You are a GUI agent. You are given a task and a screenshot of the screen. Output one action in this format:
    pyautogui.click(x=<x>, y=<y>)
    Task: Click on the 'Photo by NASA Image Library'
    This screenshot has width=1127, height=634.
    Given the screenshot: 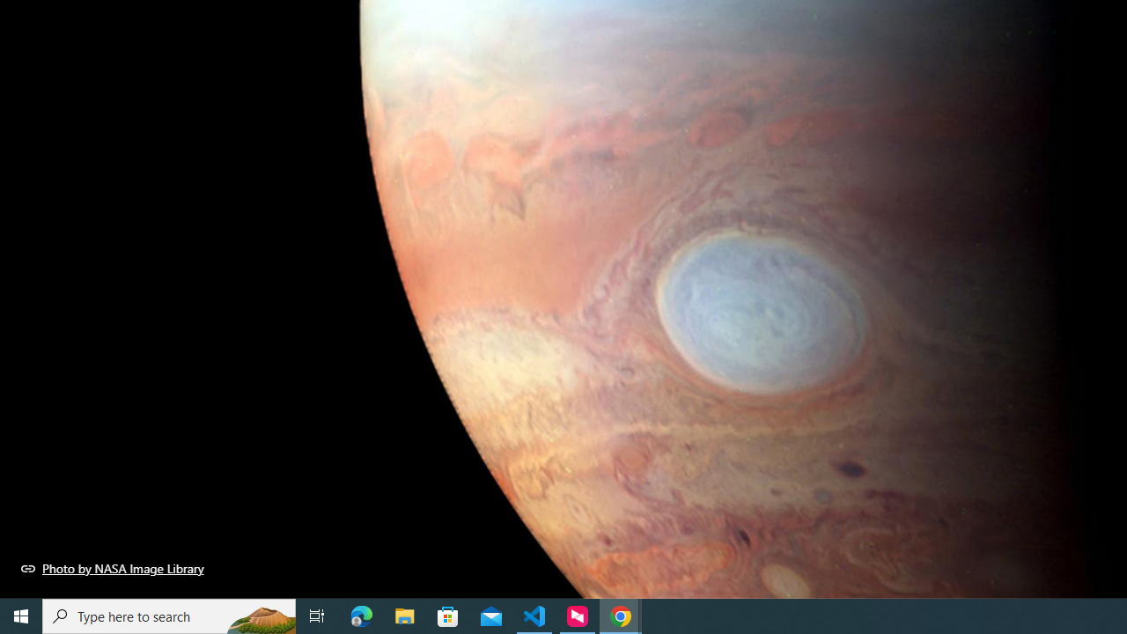 What is the action you would take?
    pyautogui.click(x=112, y=568)
    